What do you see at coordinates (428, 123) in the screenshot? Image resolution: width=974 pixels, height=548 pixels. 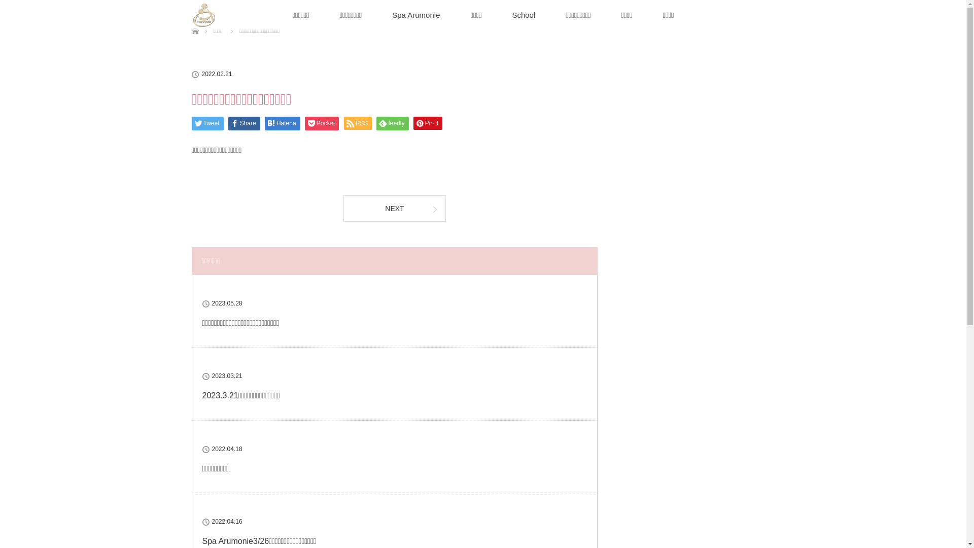 I see `'Pin it'` at bounding box center [428, 123].